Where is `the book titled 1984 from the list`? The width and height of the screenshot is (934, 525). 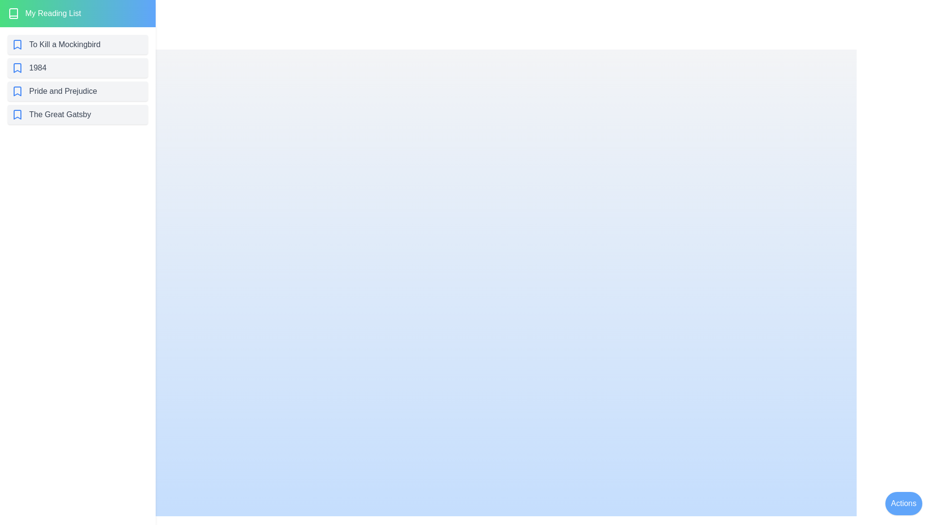
the book titled 1984 from the list is located at coordinates (77, 67).